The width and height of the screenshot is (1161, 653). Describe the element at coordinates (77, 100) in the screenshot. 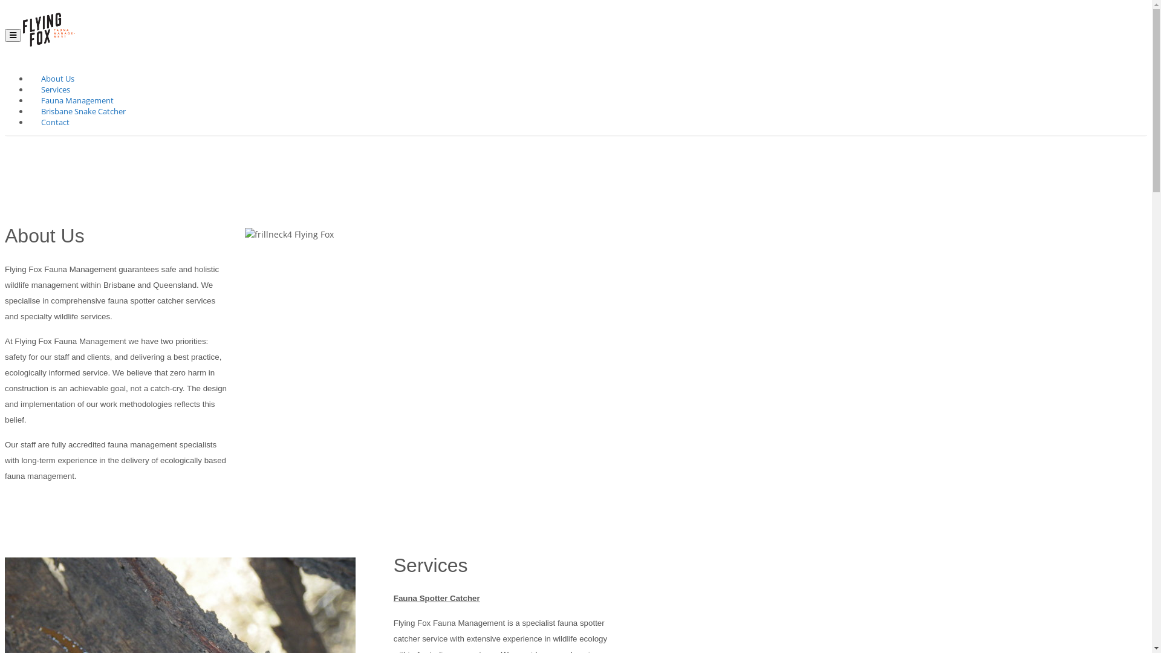

I see `'Fauna Management'` at that location.